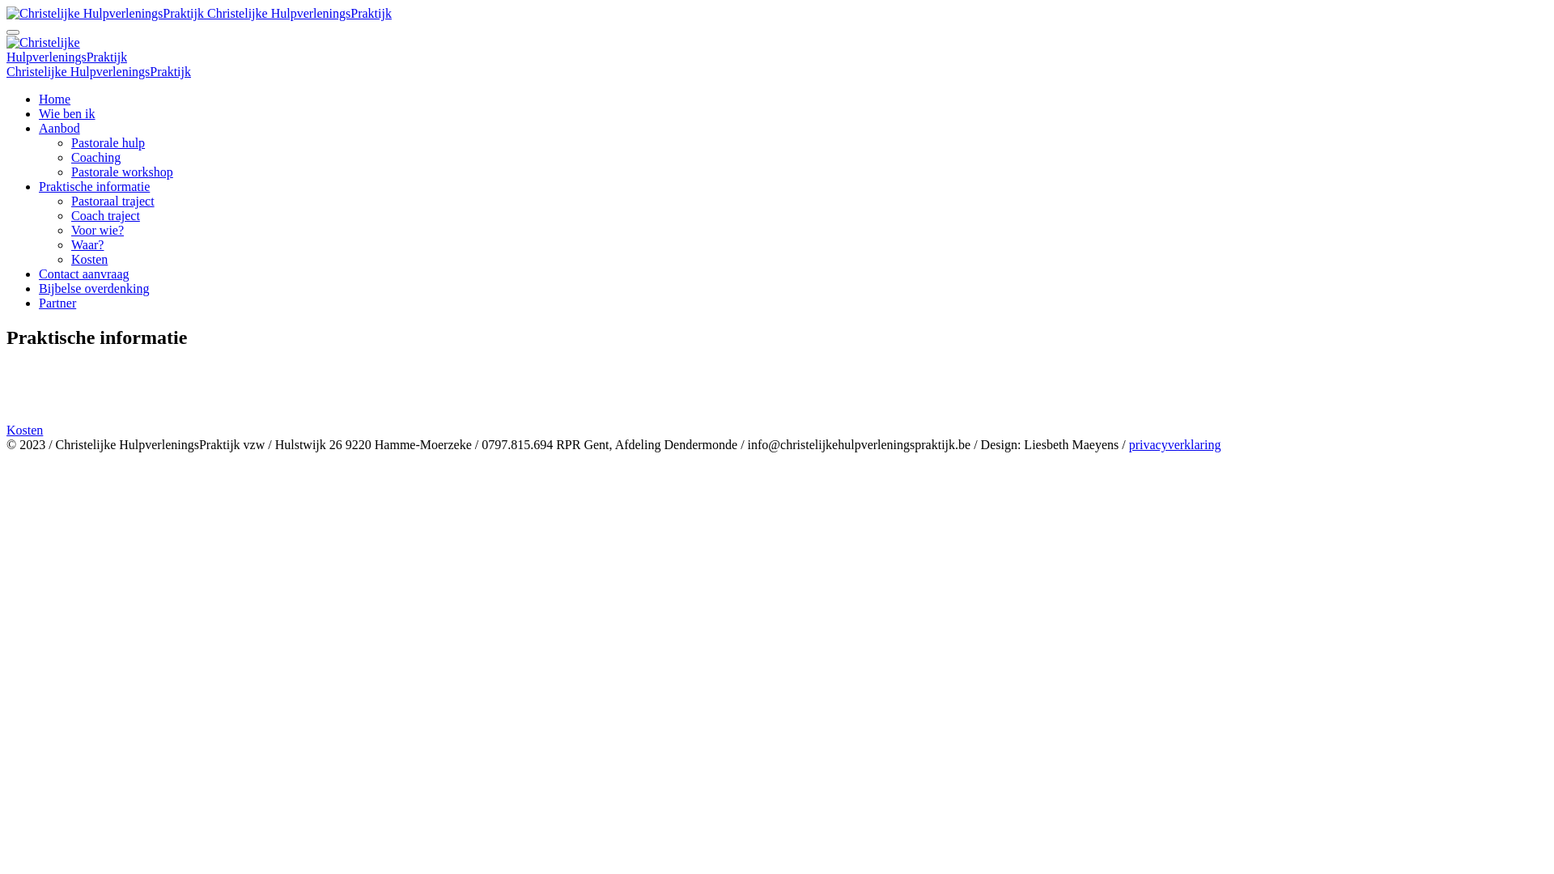  I want to click on 'Christelijke HulpverleningsPraktijk', so click(104, 13).